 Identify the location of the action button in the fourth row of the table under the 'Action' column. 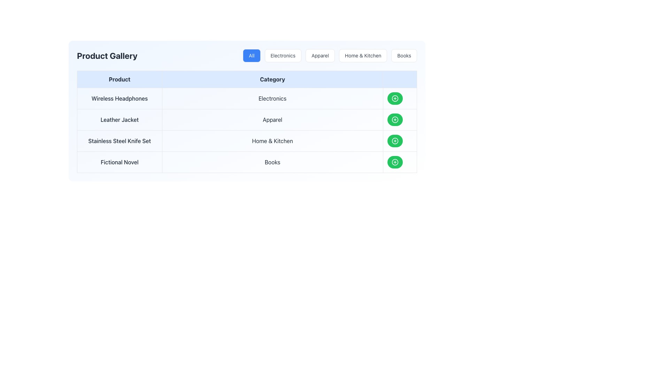
(400, 162).